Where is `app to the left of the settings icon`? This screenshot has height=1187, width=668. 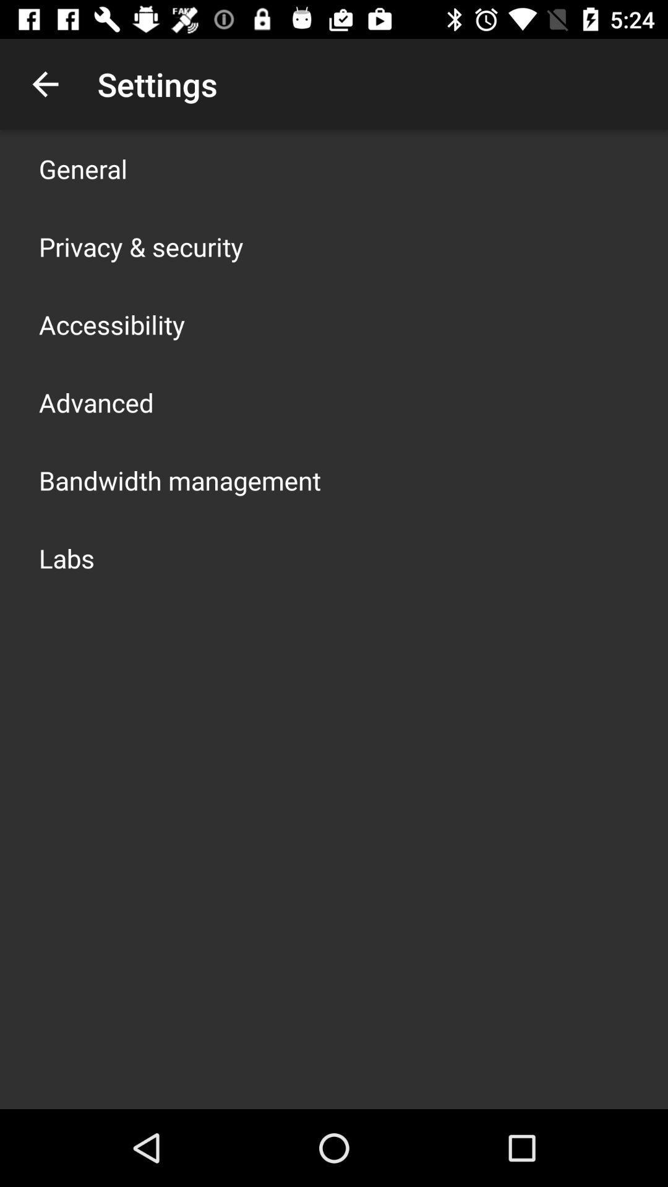 app to the left of the settings icon is located at coordinates (45, 83).